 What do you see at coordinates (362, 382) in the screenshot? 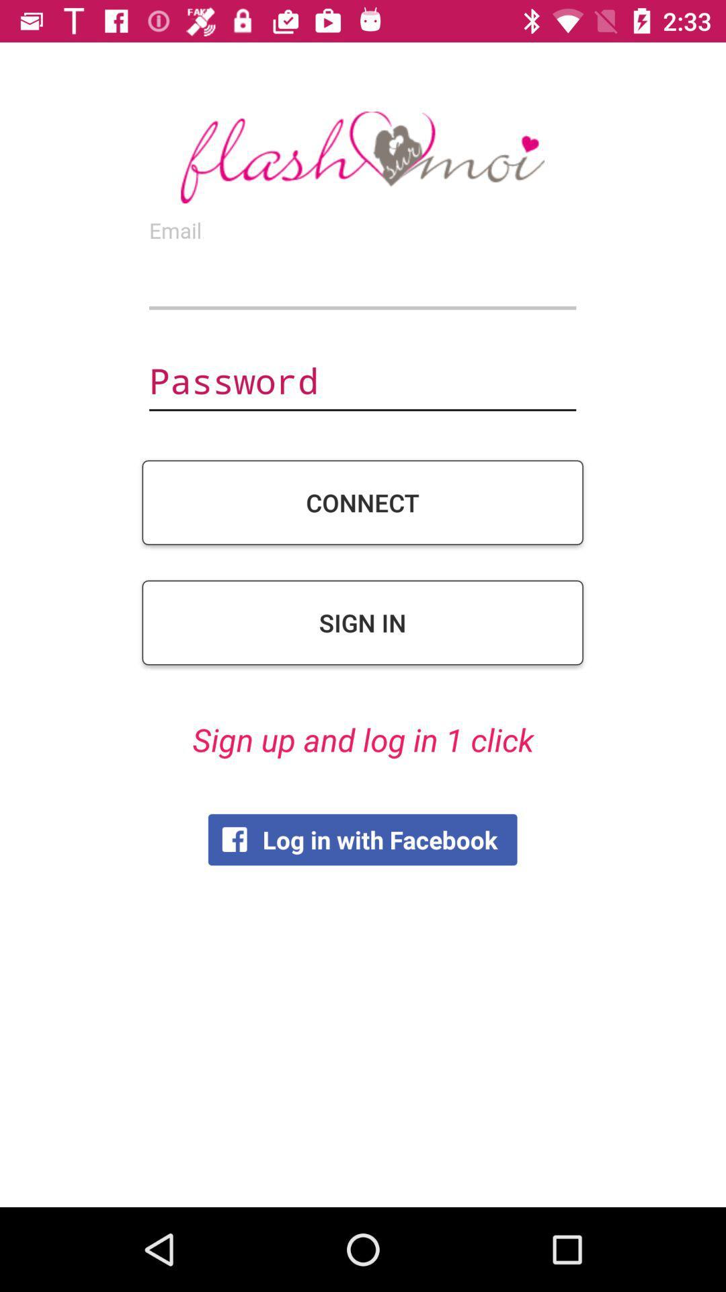
I see `insert password` at bounding box center [362, 382].